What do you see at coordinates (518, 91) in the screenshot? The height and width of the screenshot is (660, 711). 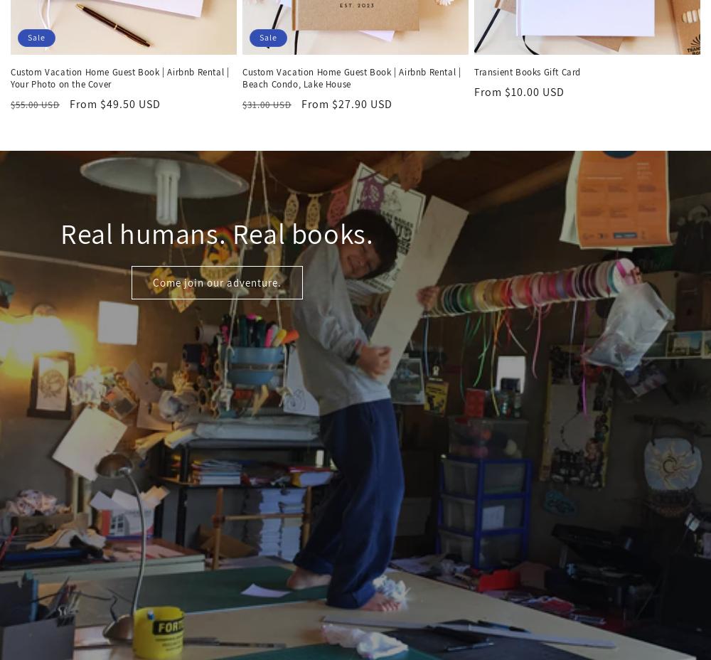 I see `'From $10.00 USD'` at bounding box center [518, 91].